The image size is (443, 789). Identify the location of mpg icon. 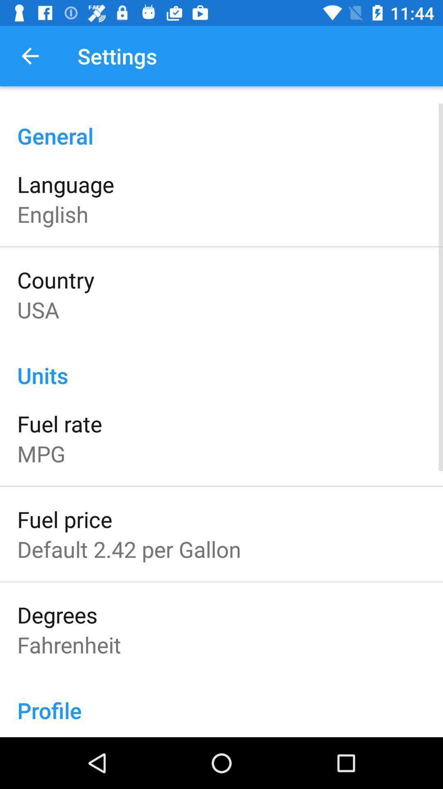
(41, 453).